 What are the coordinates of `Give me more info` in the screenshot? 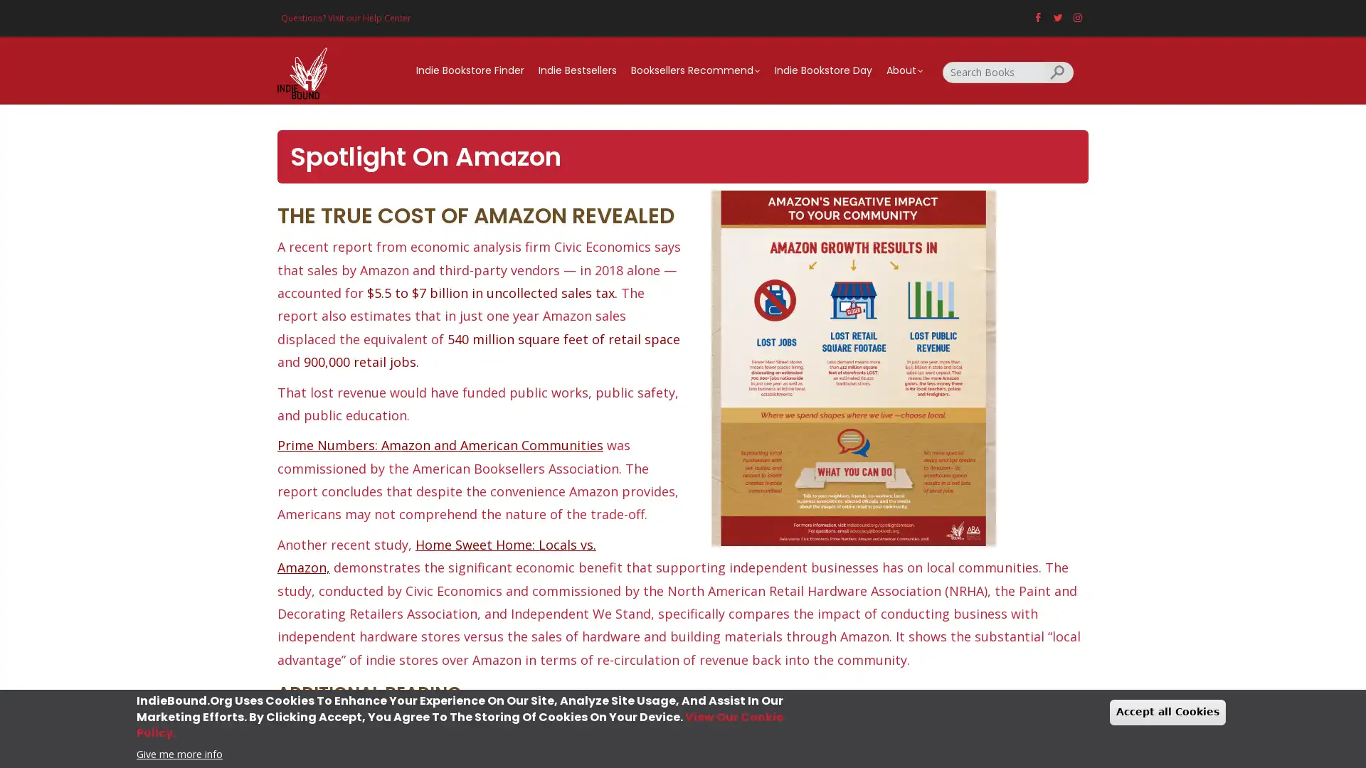 It's located at (179, 752).